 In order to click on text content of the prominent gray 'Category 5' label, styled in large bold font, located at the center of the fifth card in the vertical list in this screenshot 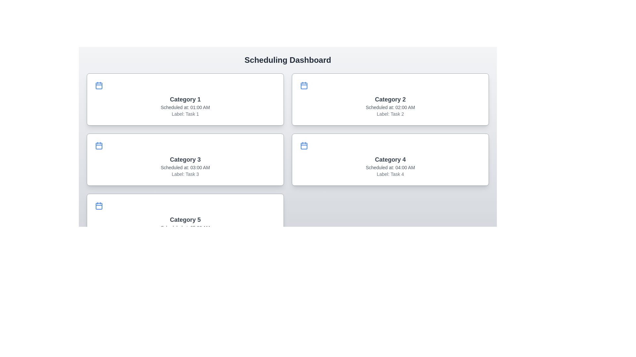, I will do `click(185, 219)`.